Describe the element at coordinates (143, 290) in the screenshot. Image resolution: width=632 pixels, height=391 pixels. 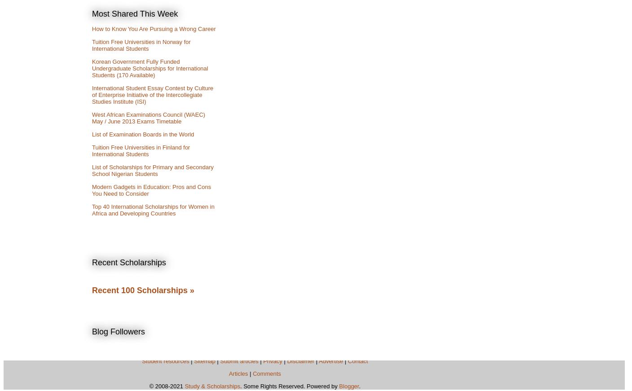
I see `'Recent 100 Scholarships »'` at that location.